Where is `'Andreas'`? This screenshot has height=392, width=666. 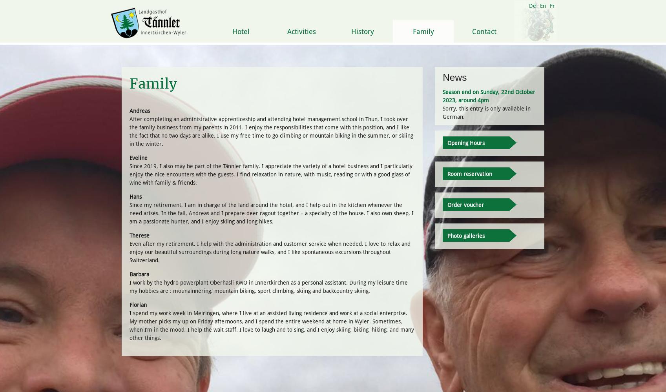 'Andreas' is located at coordinates (139, 111).